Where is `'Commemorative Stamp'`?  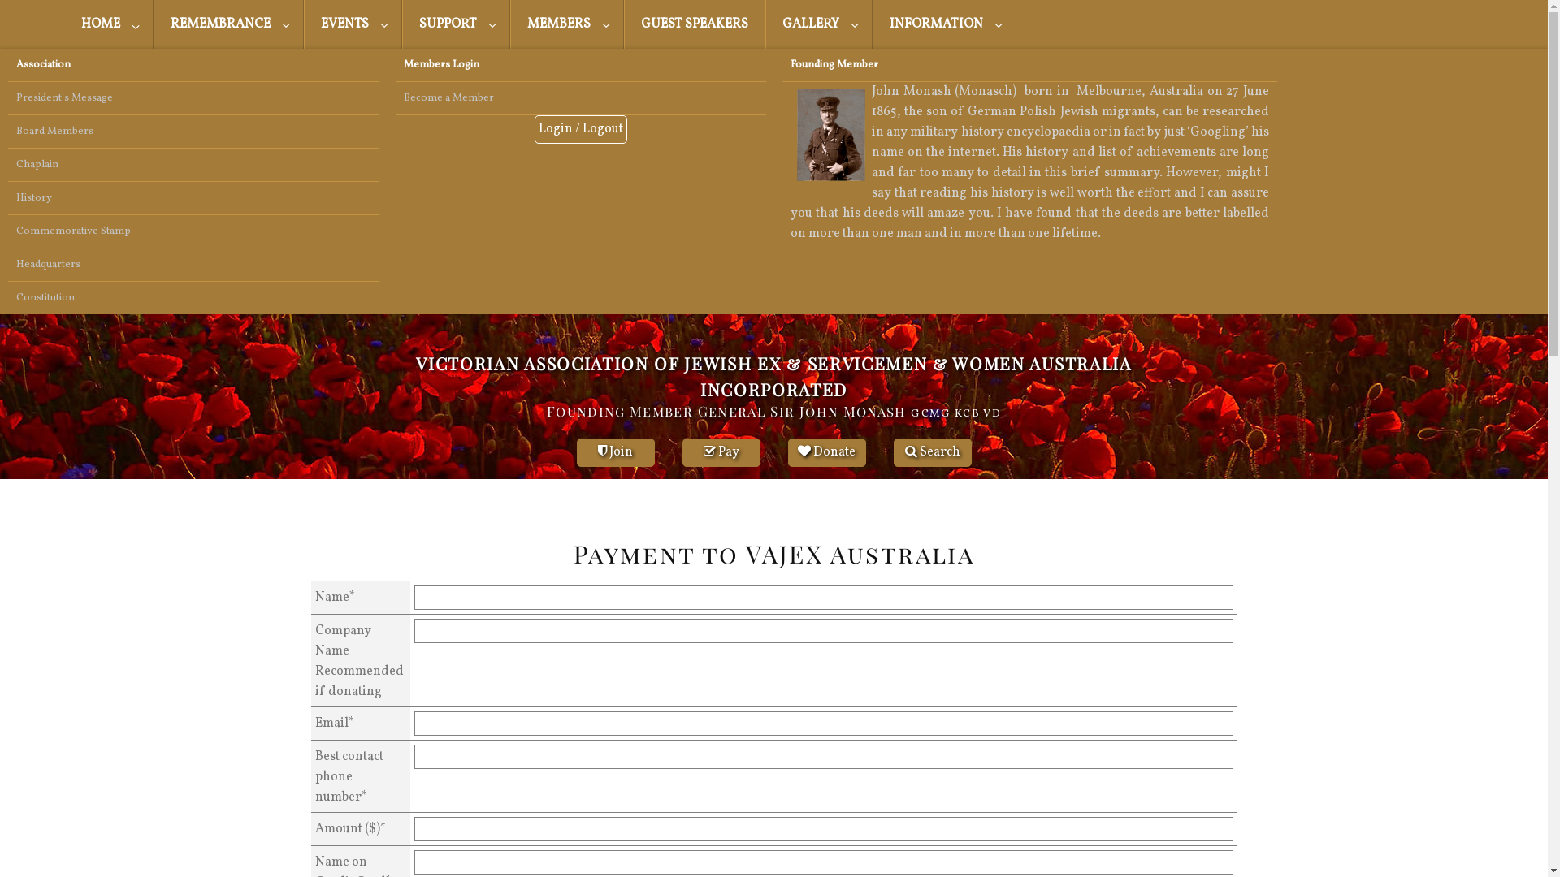 'Commemorative Stamp' is located at coordinates (193, 231).